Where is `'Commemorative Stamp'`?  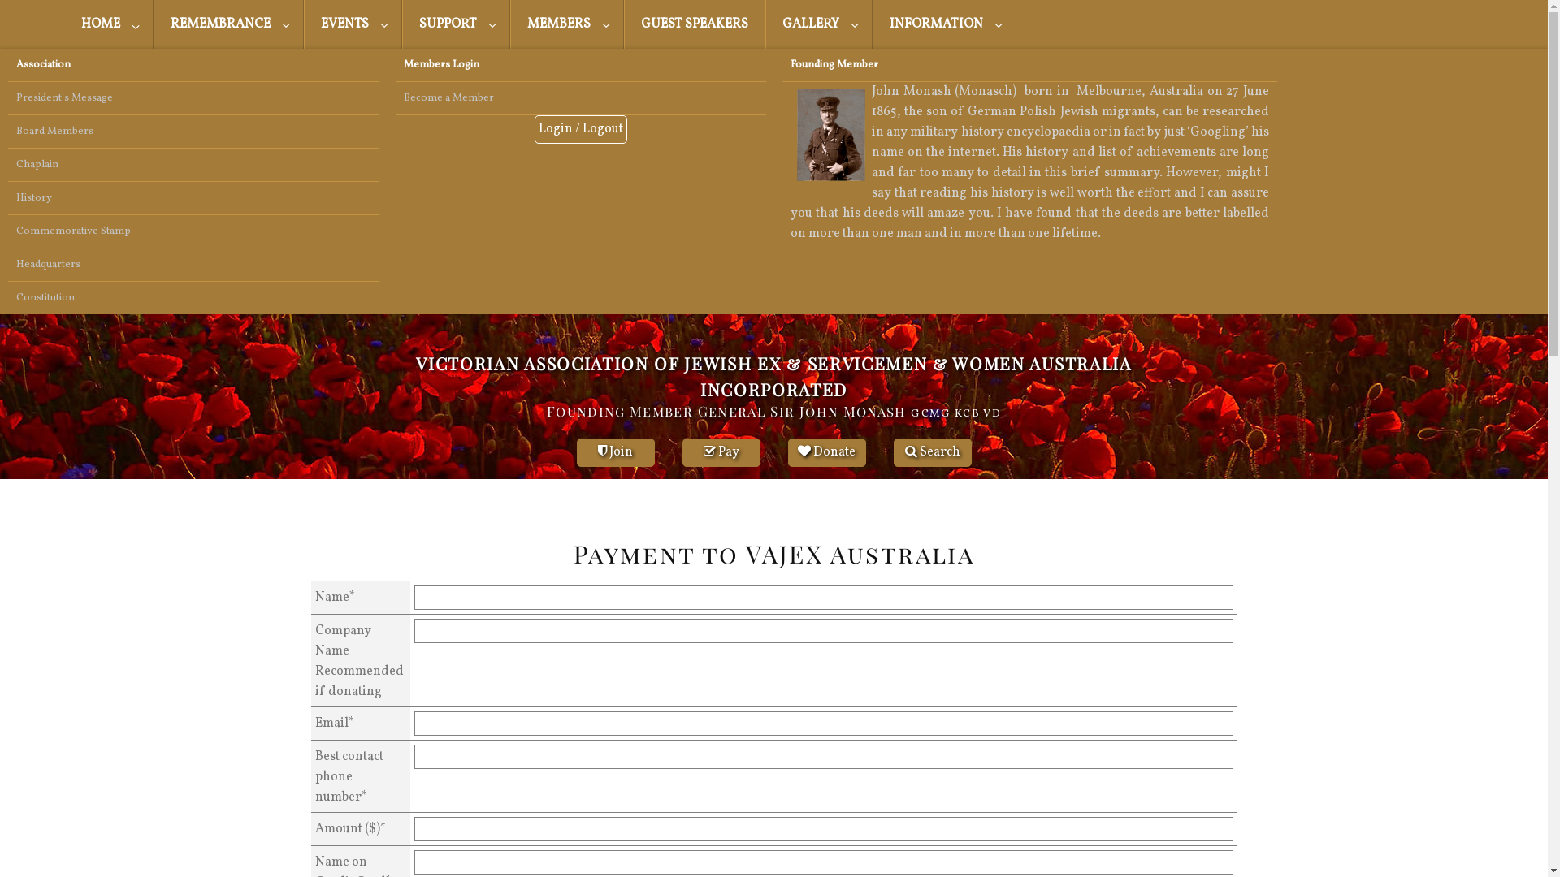 'Commemorative Stamp' is located at coordinates (193, 231).